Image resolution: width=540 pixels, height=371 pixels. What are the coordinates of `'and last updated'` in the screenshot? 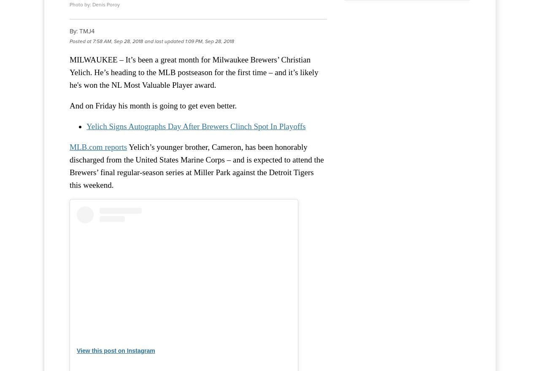 It's located at (164, 41).